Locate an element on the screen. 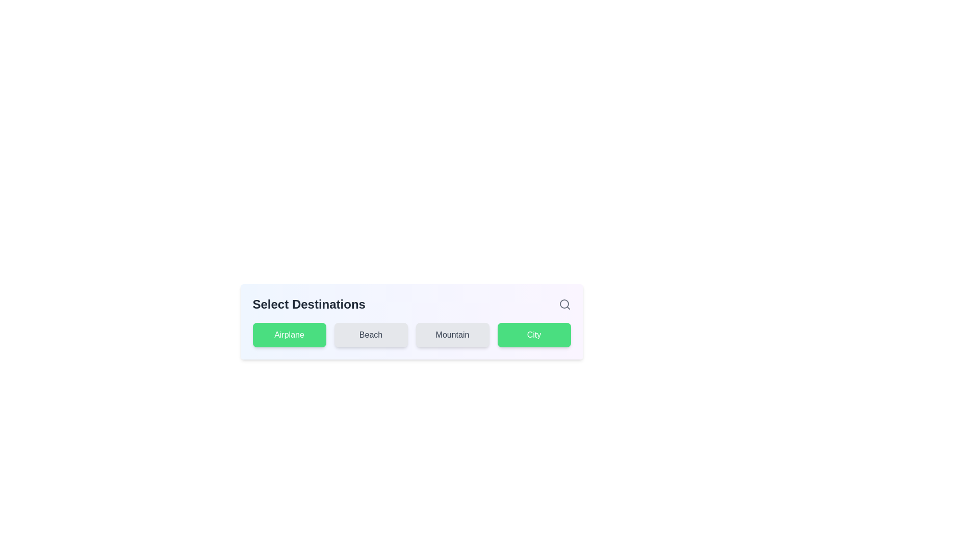  the item labeled Beach in the grid is located at coordinates (370, 335).